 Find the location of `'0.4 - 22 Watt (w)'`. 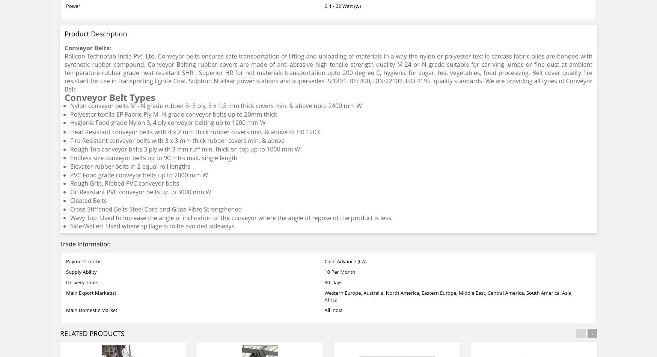

'0.4 - 22 Watt (w)' is located at coordinates (324, 6).